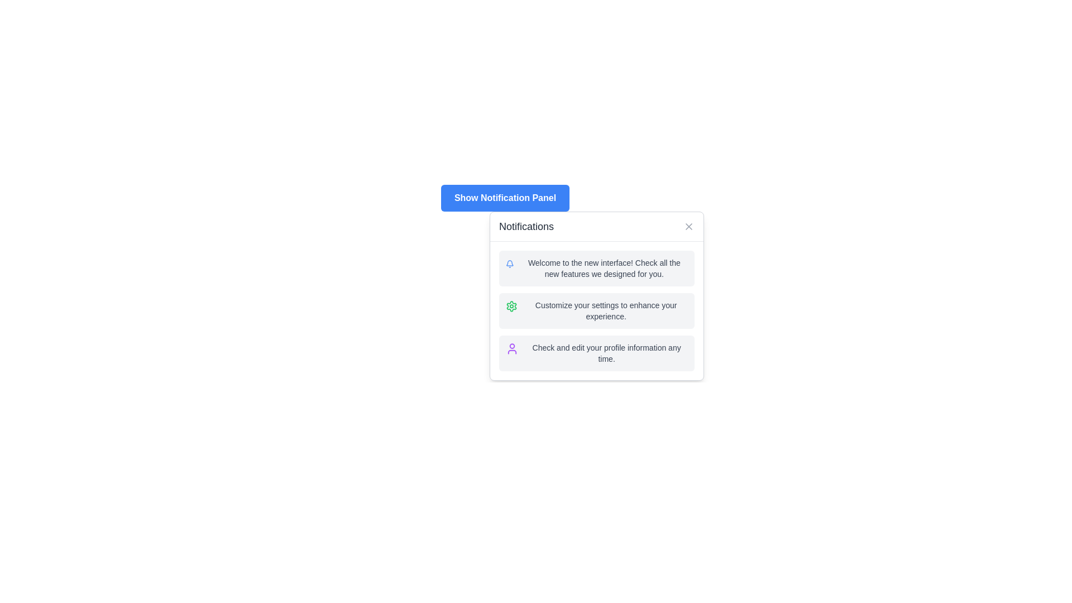 Image resolution: width=1072 pixels, height=603 pixels. What do you see at coordinates (688, 226) in the screenshot?
I see `the close icon located at the far right of the notification panel header, positioned after the heading text 'Notifications'` at bounding box center [688, 226].